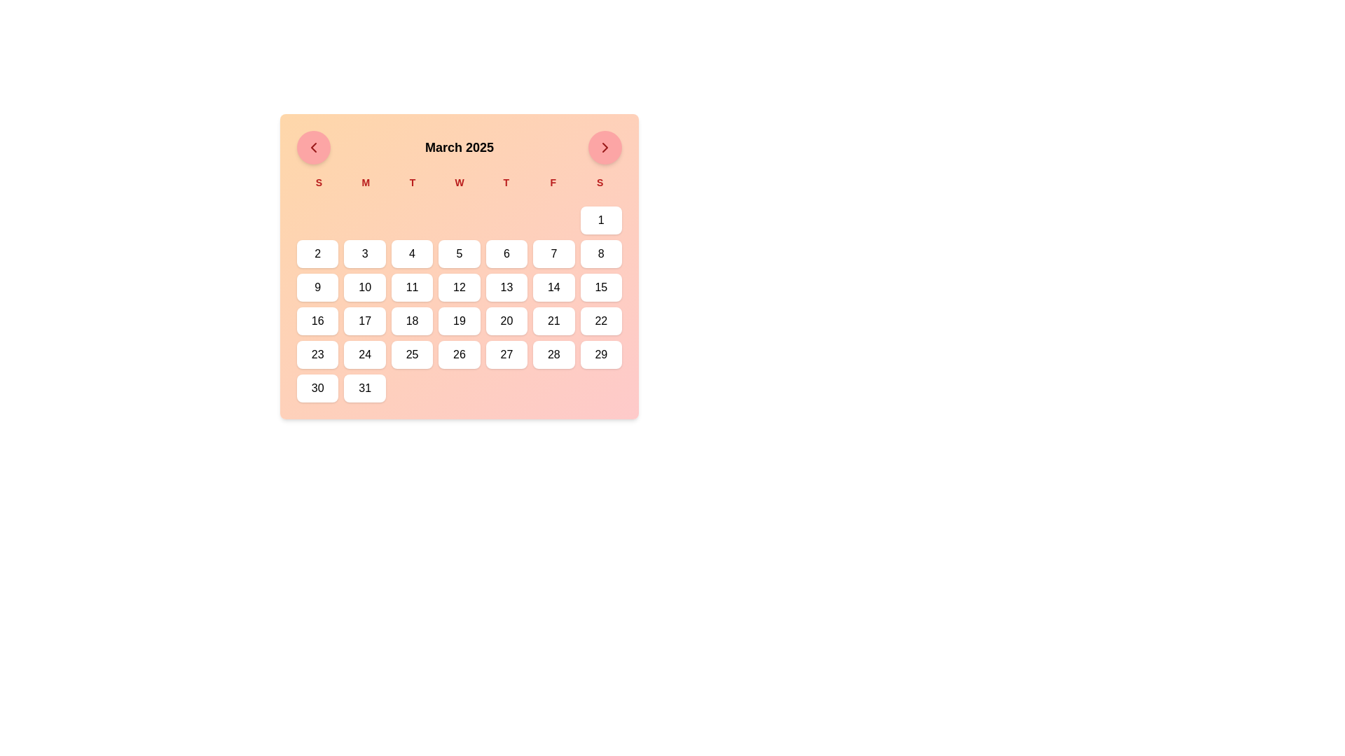  I want to click on the button with rounded corners, white background, and the text '30', so click(317, 388).